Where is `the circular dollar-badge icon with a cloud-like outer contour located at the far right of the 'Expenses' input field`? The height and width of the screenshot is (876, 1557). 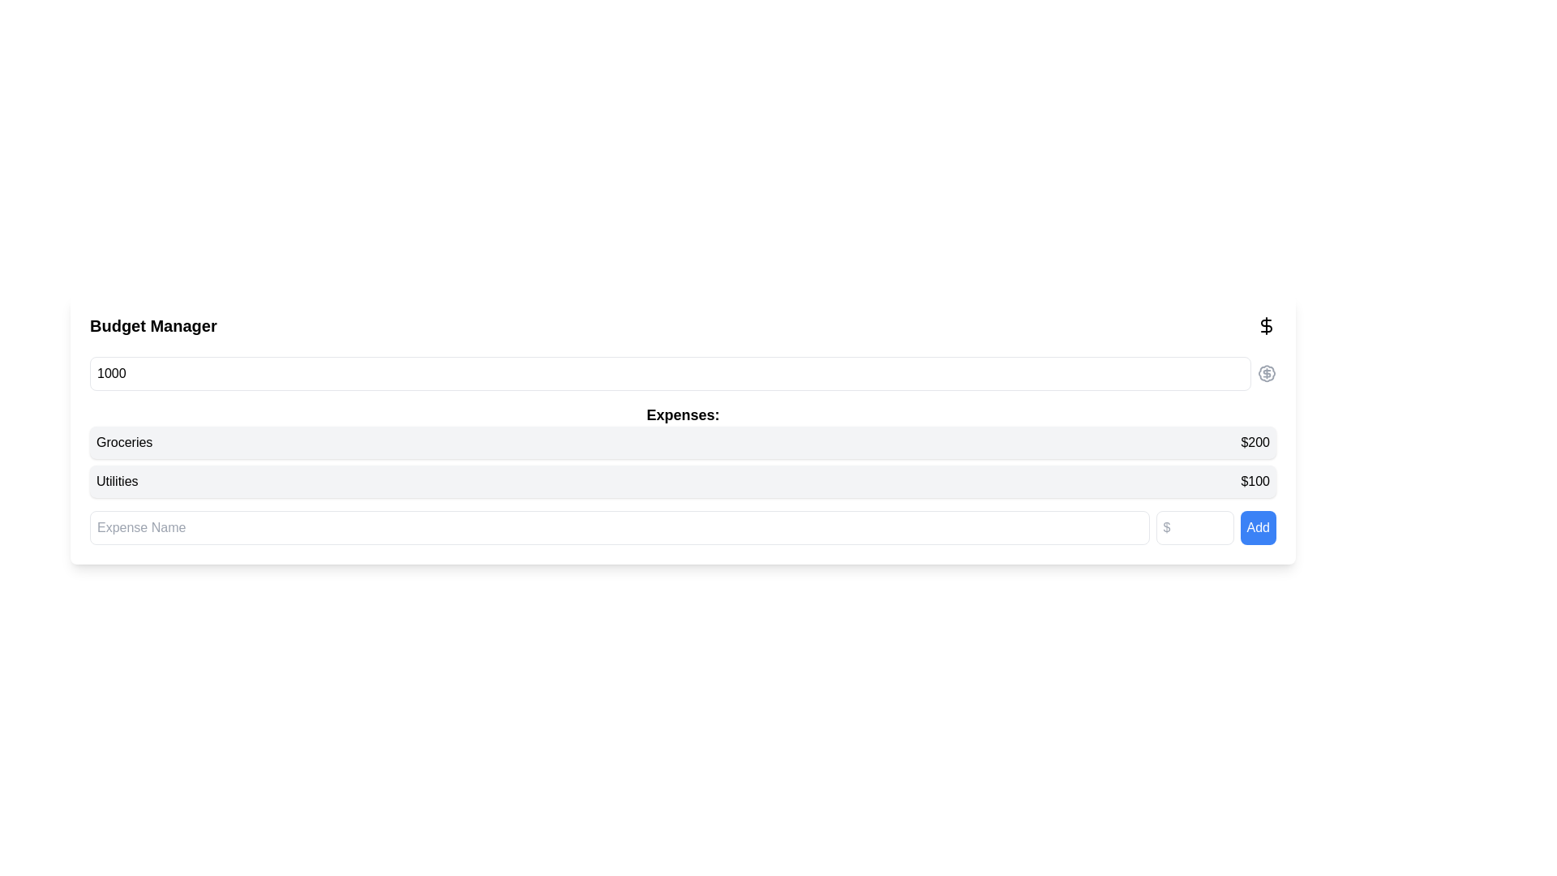 the circular dollar-badge icon with a cloud-like outer contour located at the far right of the 'Expenses' input field is located at coordinates (1266, 374).